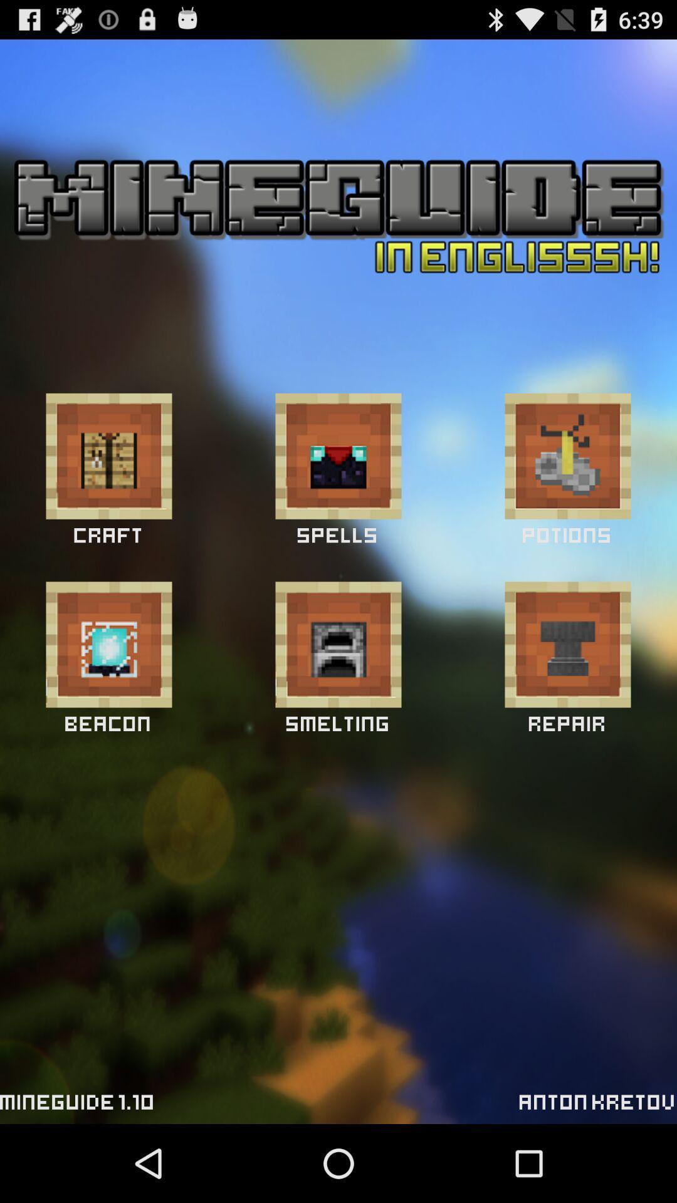 This screenshot has width=677, height=1203. What do you see at coordinates (108, 644) in the screenshot?
I see `eeacon` at bounding box center [108, 644].